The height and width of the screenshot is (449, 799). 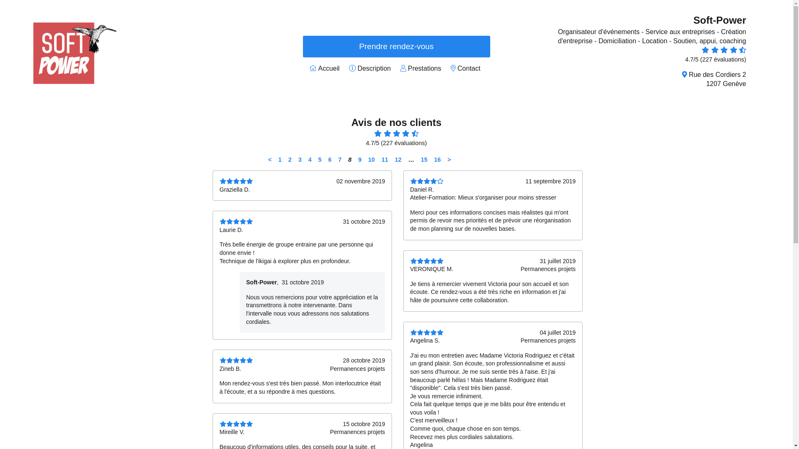 What do you see at coordinates (340, 160) in the screenshot?
I see `'7'` at bounding box center [340, 160].